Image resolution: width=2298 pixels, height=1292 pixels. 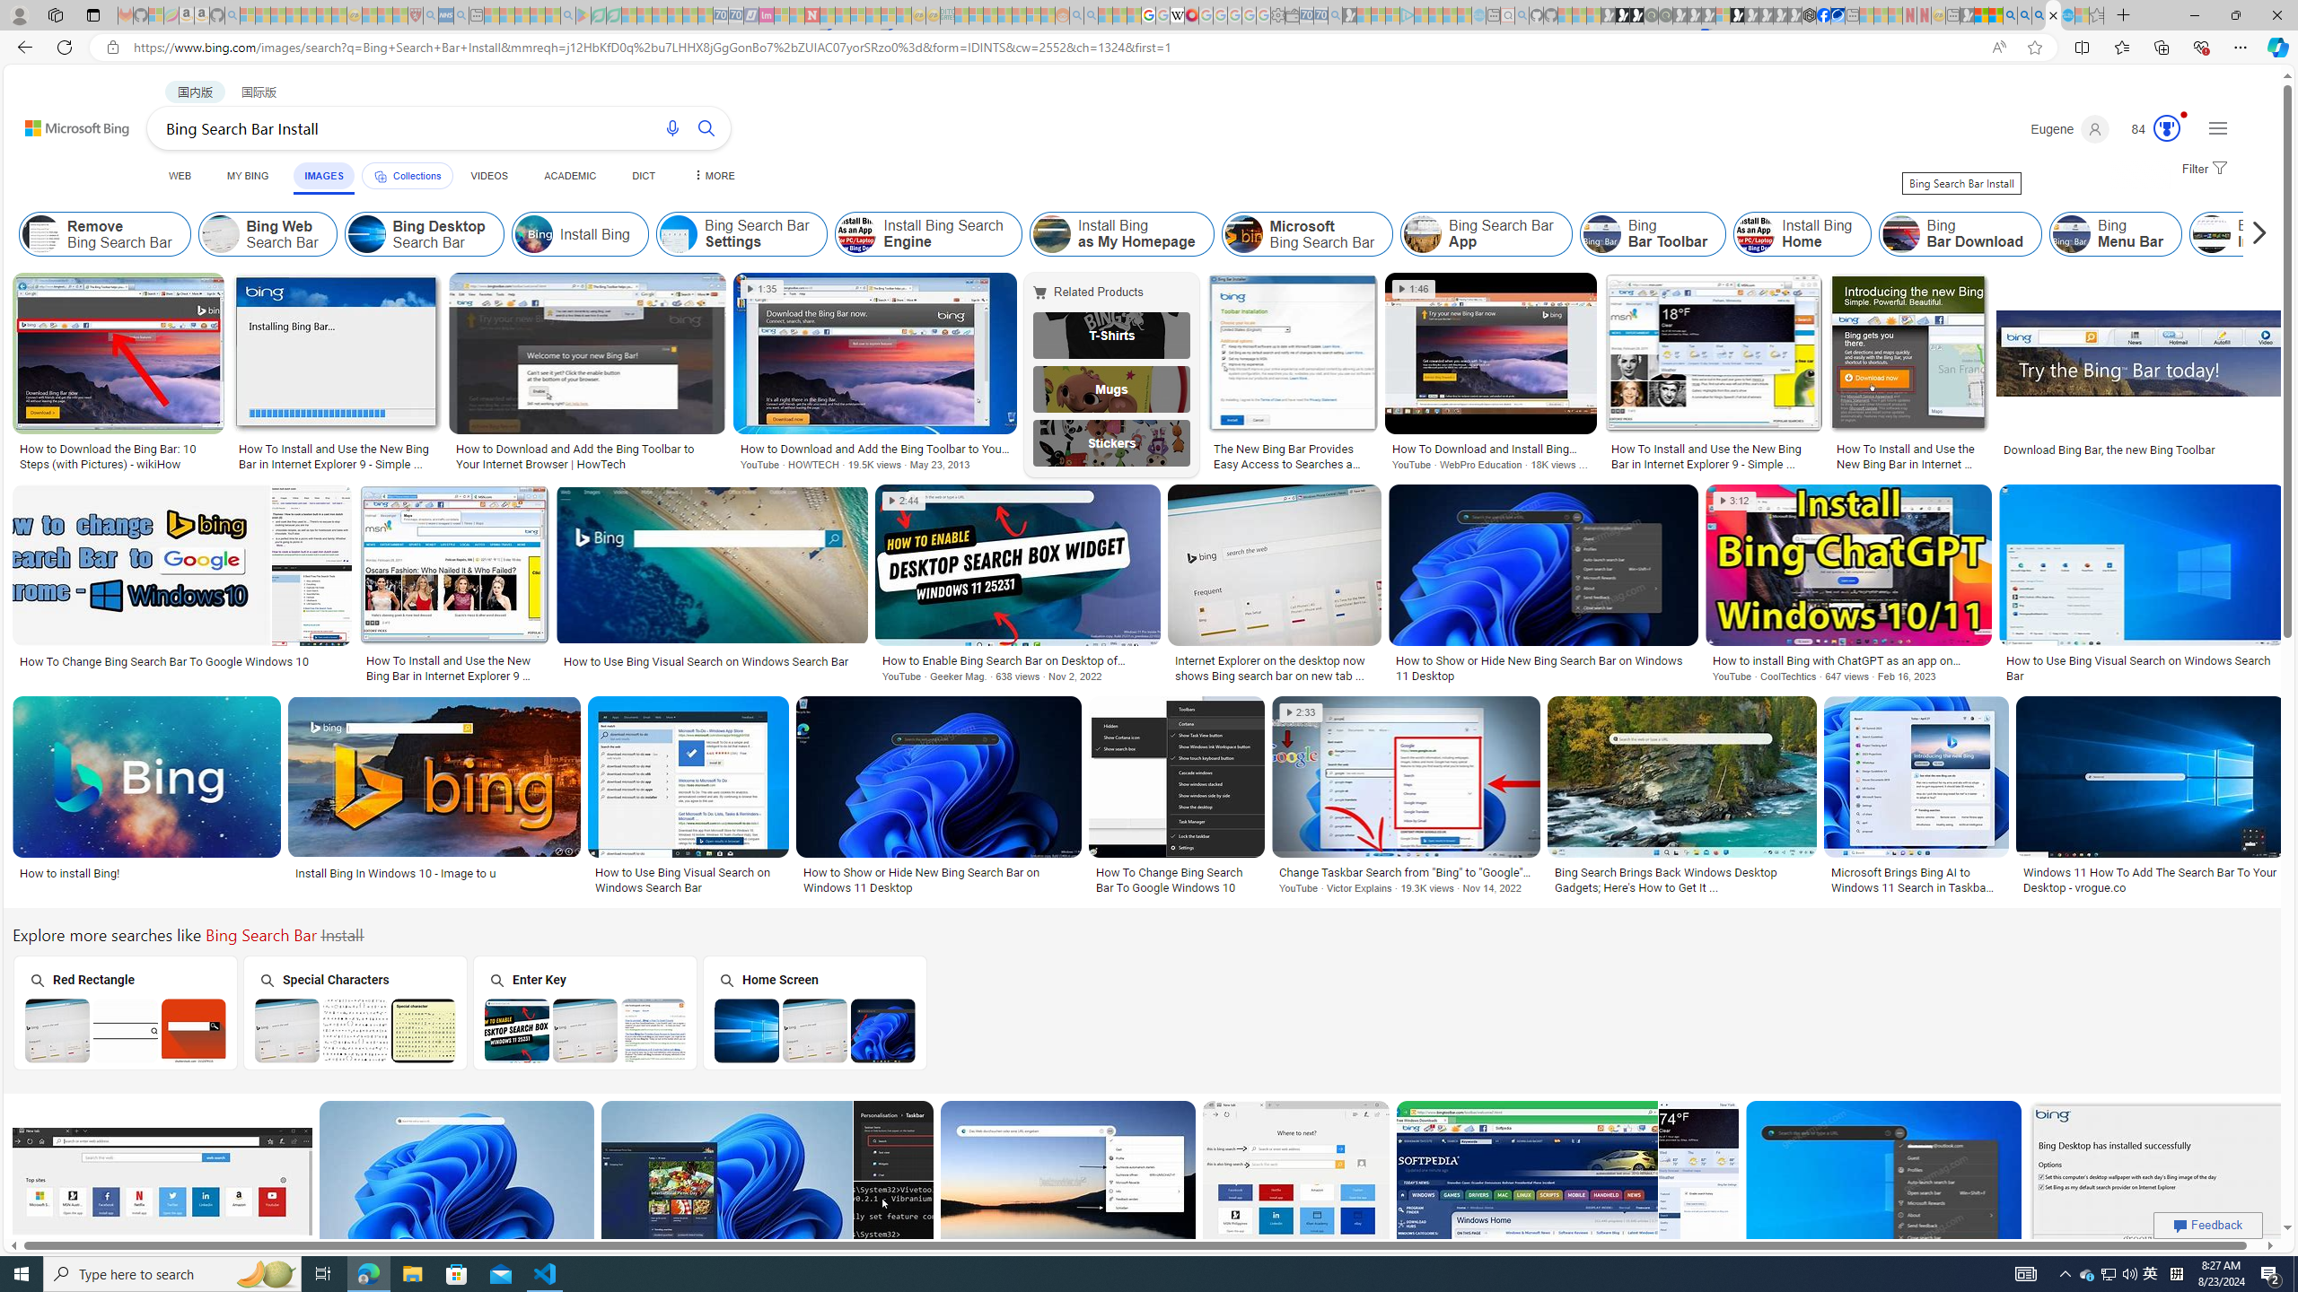 I want to click on 'MORE', so click(x=713, y=175).